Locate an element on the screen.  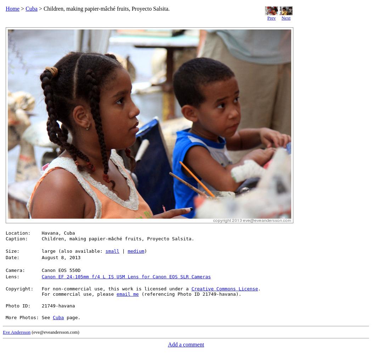
'Add a comment' is located at coordinates (185, 344).